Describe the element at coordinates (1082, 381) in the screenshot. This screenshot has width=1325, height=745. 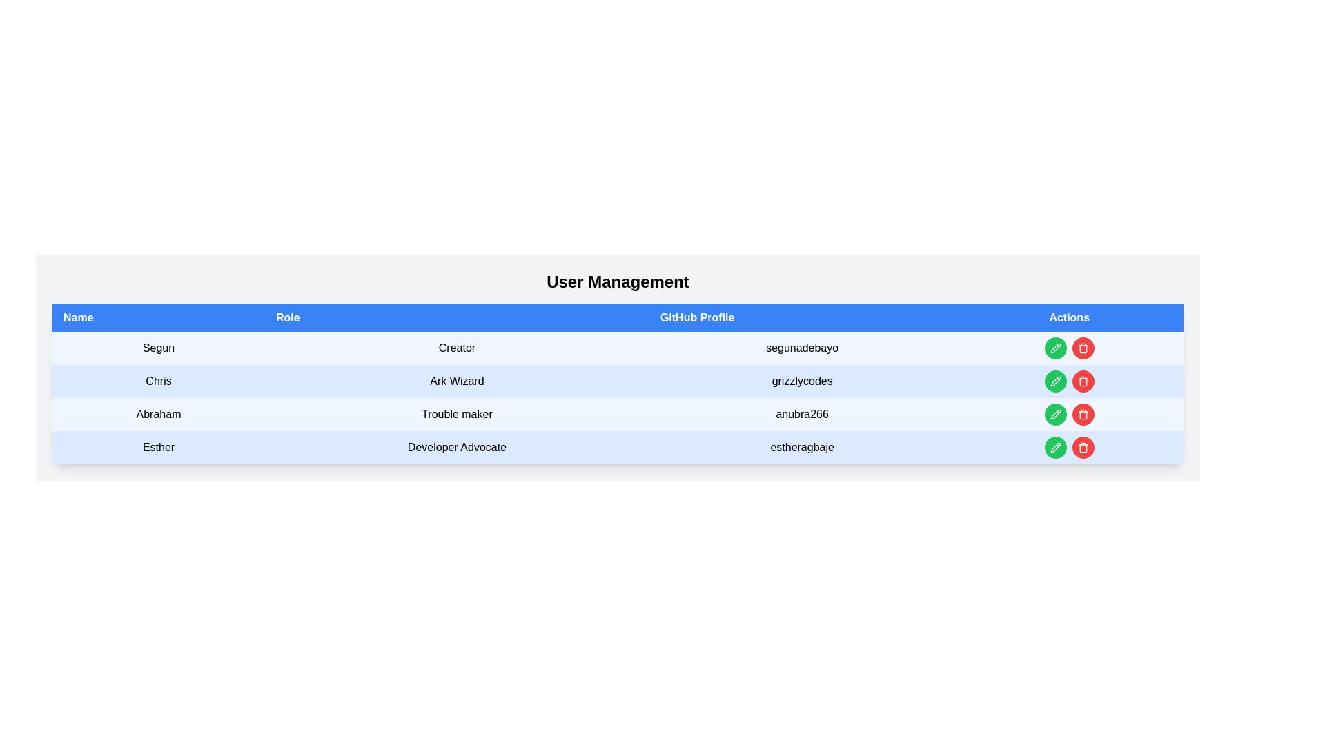
I see `the delete button located in the 'Actions' column of the second row for the user 'Chris'` at that location.